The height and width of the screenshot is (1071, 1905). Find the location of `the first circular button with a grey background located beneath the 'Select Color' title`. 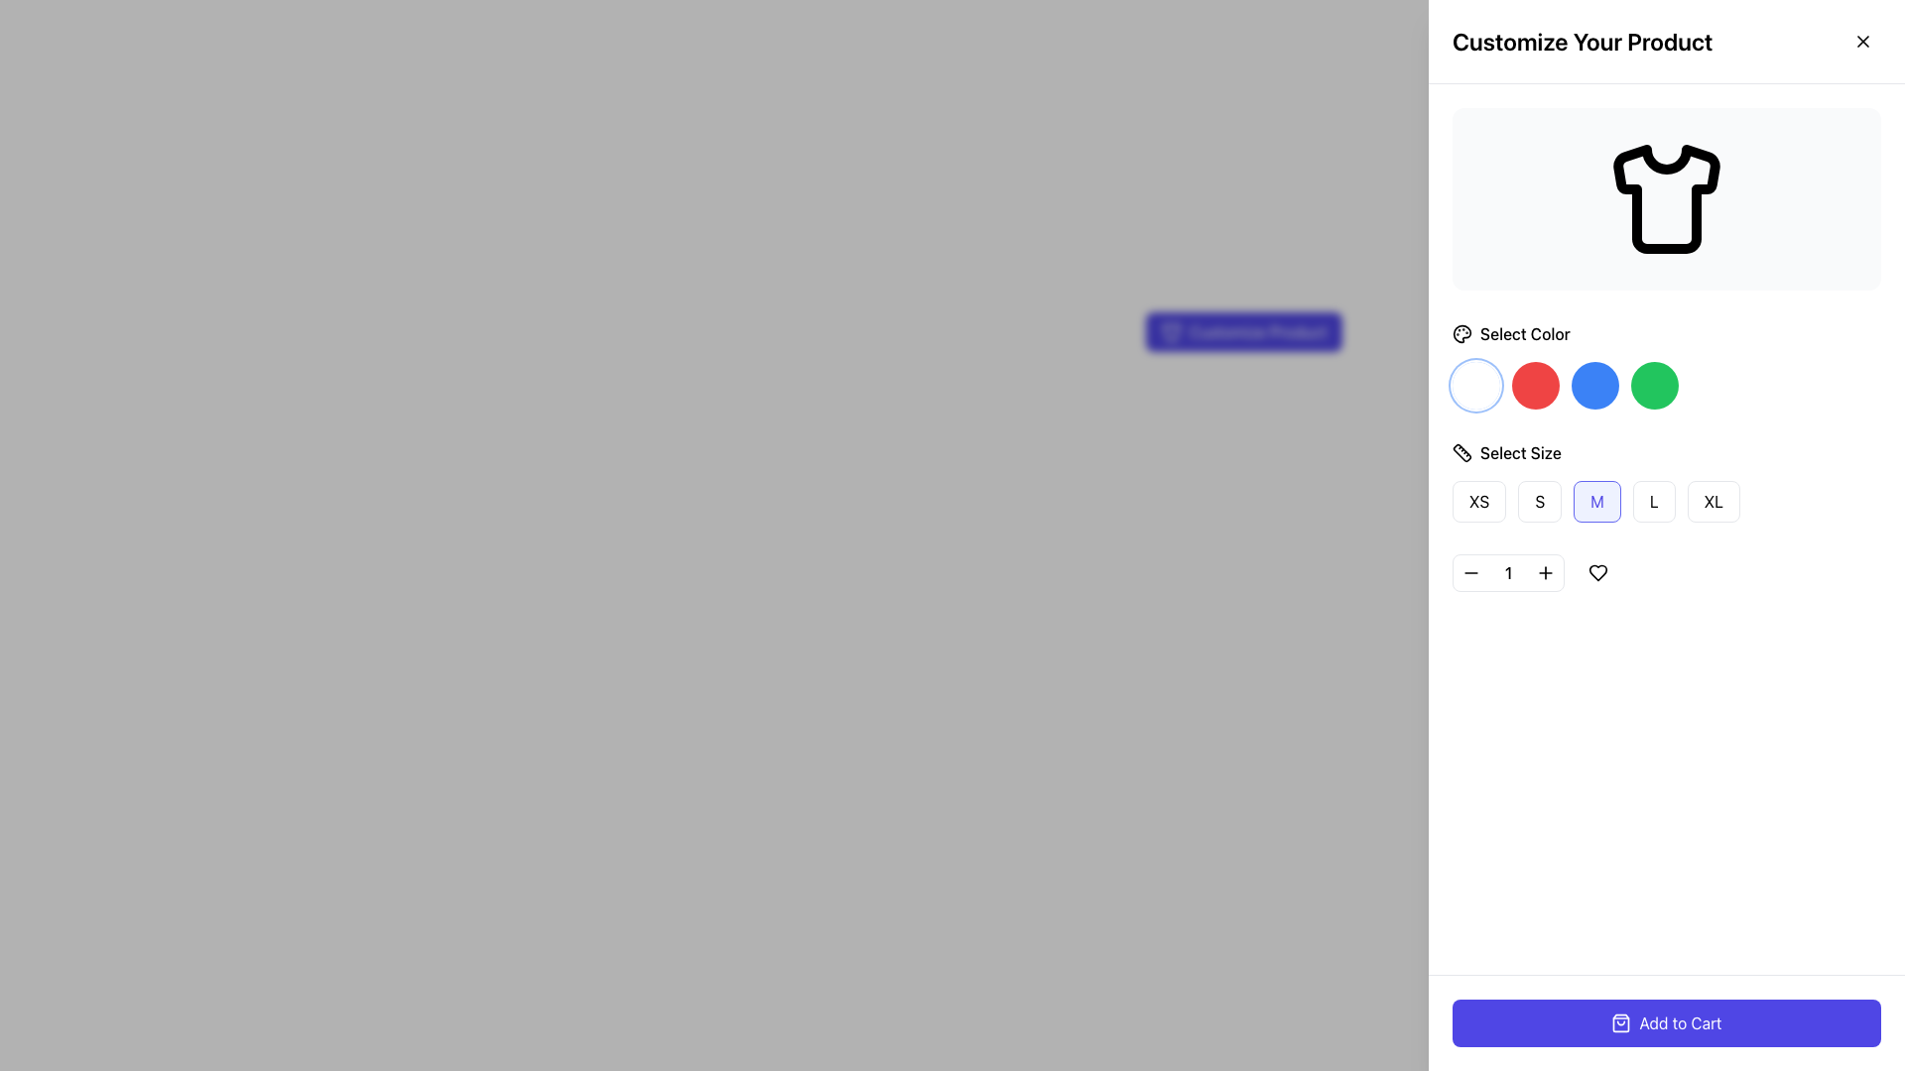

the first circular button with a grey background located beneath the 'Select Color' title is located at coordinates (1476, 386).